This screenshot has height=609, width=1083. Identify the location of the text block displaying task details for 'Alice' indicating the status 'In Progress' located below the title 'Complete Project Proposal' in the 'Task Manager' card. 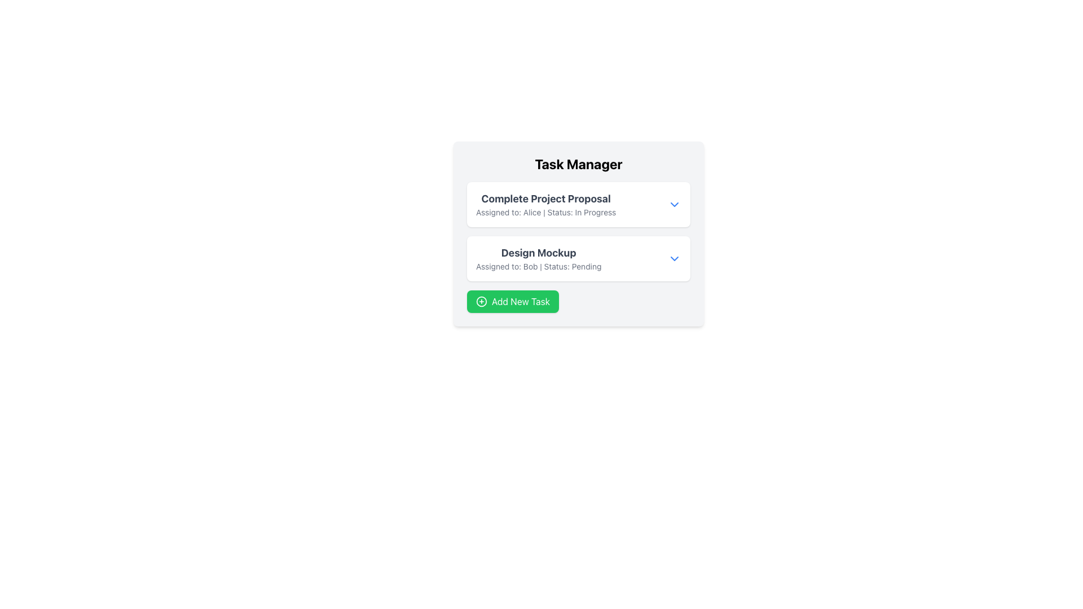
(546, 213).